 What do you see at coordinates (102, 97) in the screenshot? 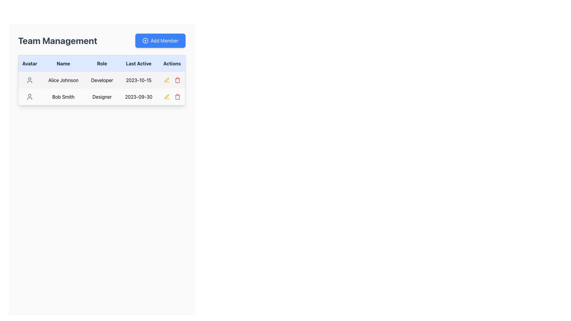
I see `text label displaying 'Designer' in black font, located in the 'Role' column of the second row, associated with the user 'Bob Smith'` at bounding box center [102, 97].